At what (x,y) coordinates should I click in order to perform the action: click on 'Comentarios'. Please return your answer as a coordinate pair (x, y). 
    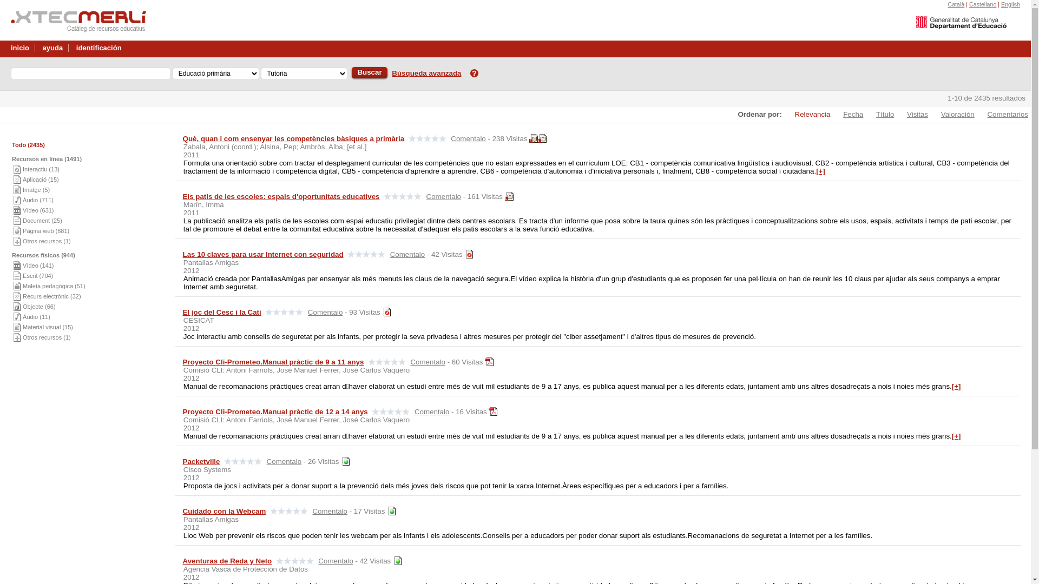
    Looking at the image, I should click on (1002, 114).